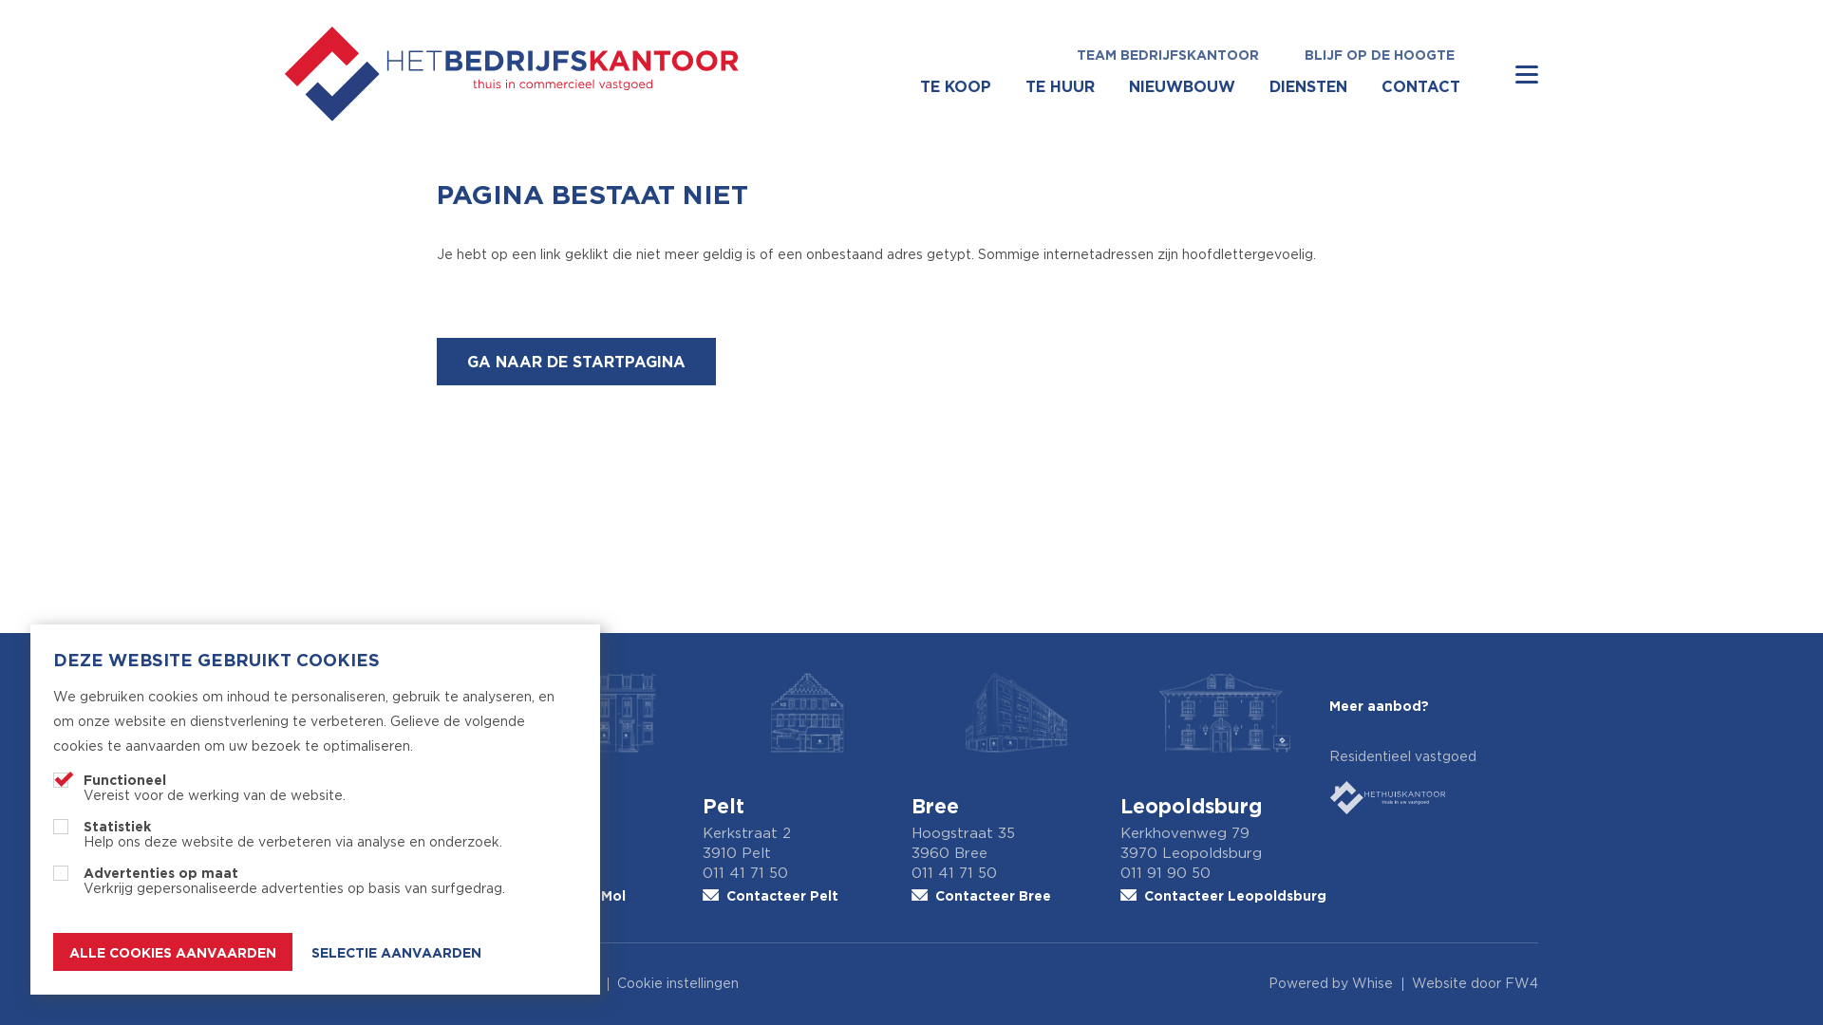  I want to click on 'CONTACT', so click(1420, 86).